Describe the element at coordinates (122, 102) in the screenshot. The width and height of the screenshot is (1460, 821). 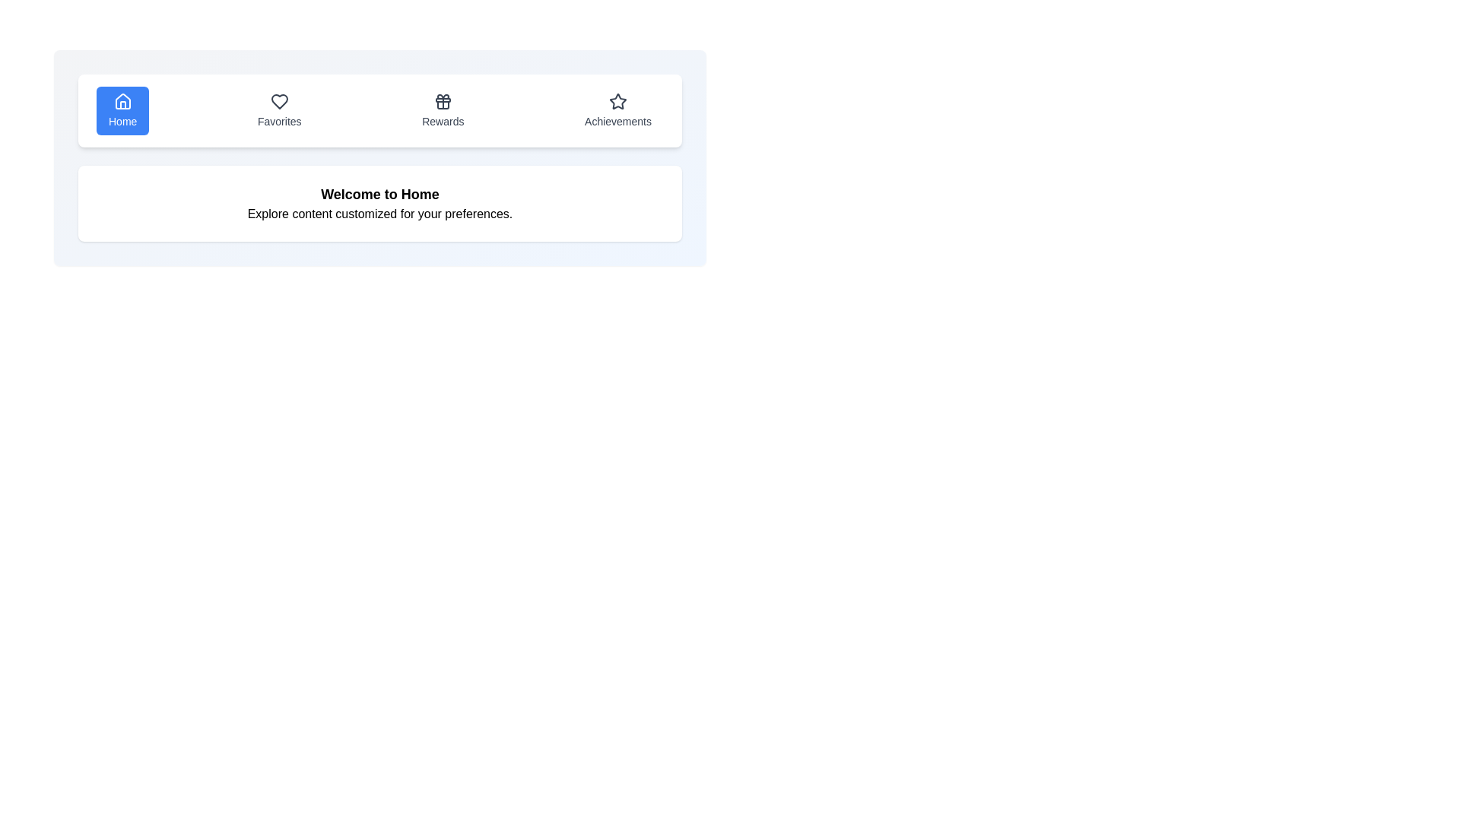
I see `the 'Home' navigation icon, which is represented by a house icon located at the left-most position in the horizontal navigation bar at the top of the interface` at that location.